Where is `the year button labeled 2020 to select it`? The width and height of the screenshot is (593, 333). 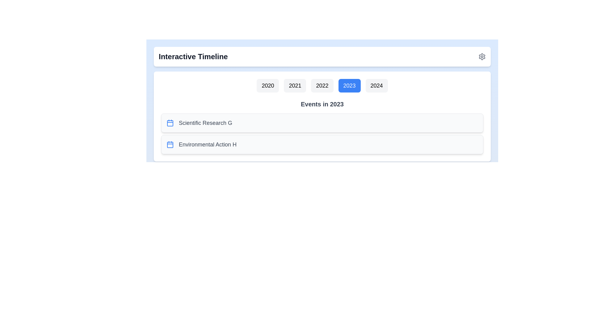
the year button labeled 2020 to select it is located at coordinates (268, 85).